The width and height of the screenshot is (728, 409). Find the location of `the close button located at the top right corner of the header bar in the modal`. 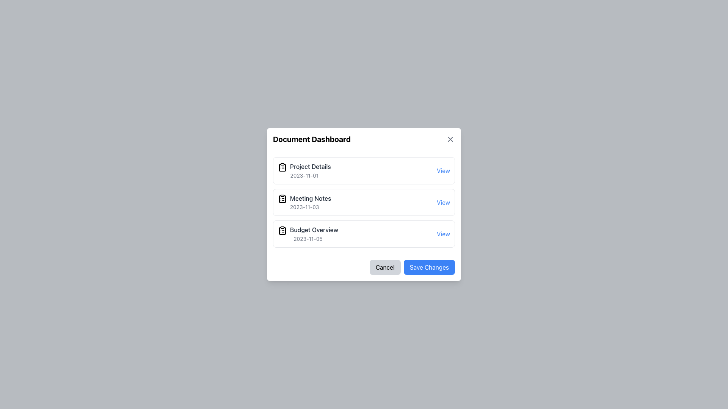

the close button located at the top right corner of the header bar in the modal is located at coordinates (450, 139).